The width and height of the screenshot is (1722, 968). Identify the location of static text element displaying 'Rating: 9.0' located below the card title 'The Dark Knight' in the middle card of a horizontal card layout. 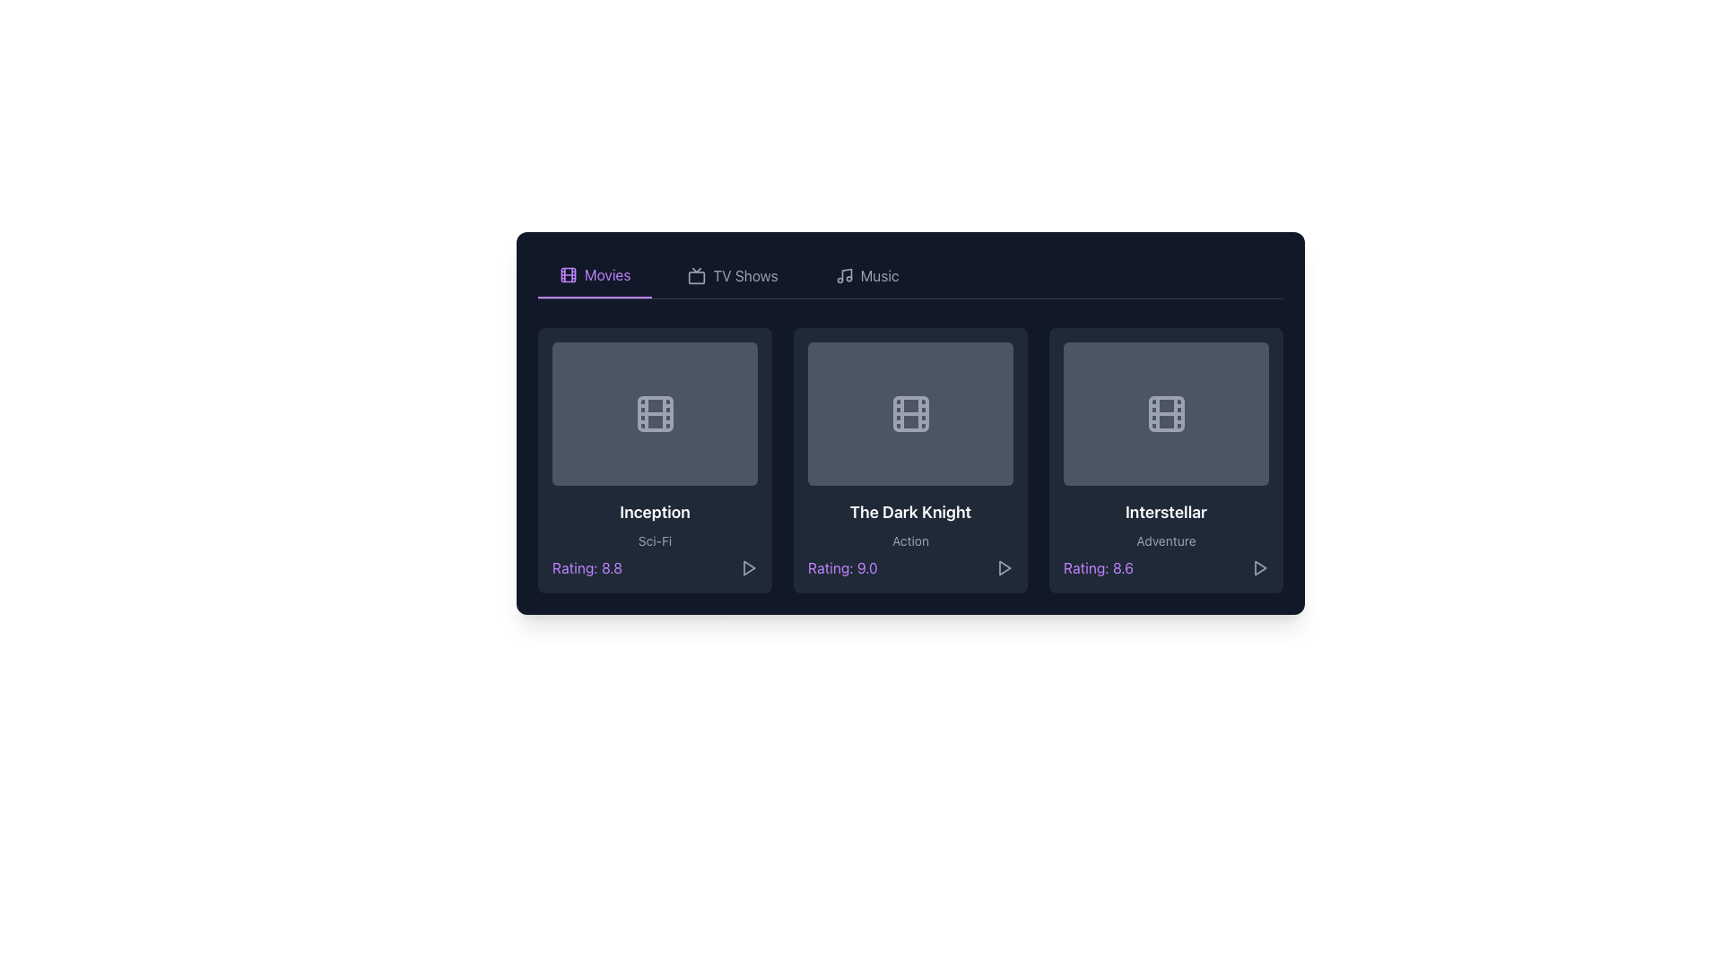
(841, 567).